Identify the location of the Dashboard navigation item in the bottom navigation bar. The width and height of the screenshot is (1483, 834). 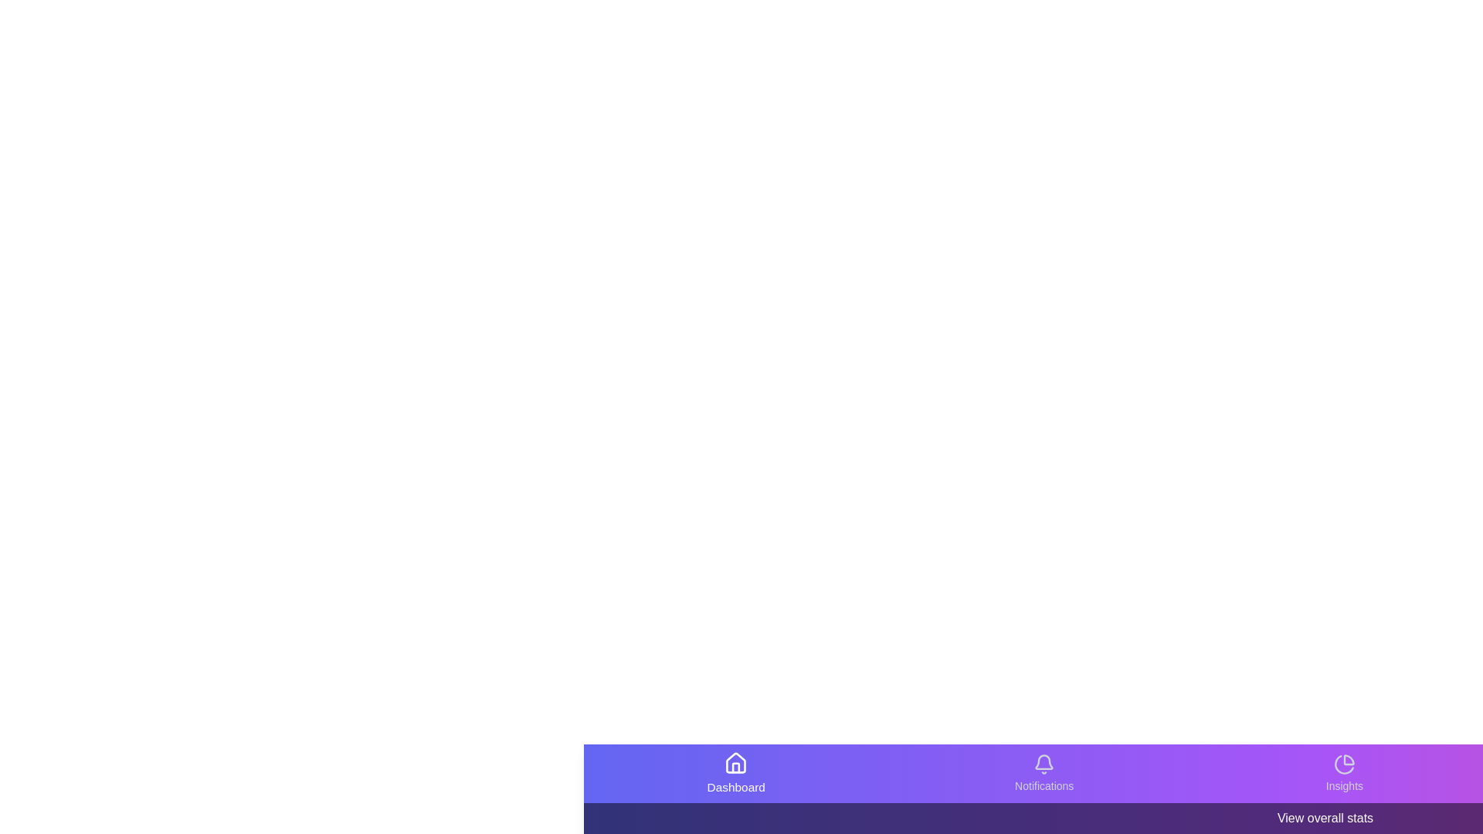
(735, 774).